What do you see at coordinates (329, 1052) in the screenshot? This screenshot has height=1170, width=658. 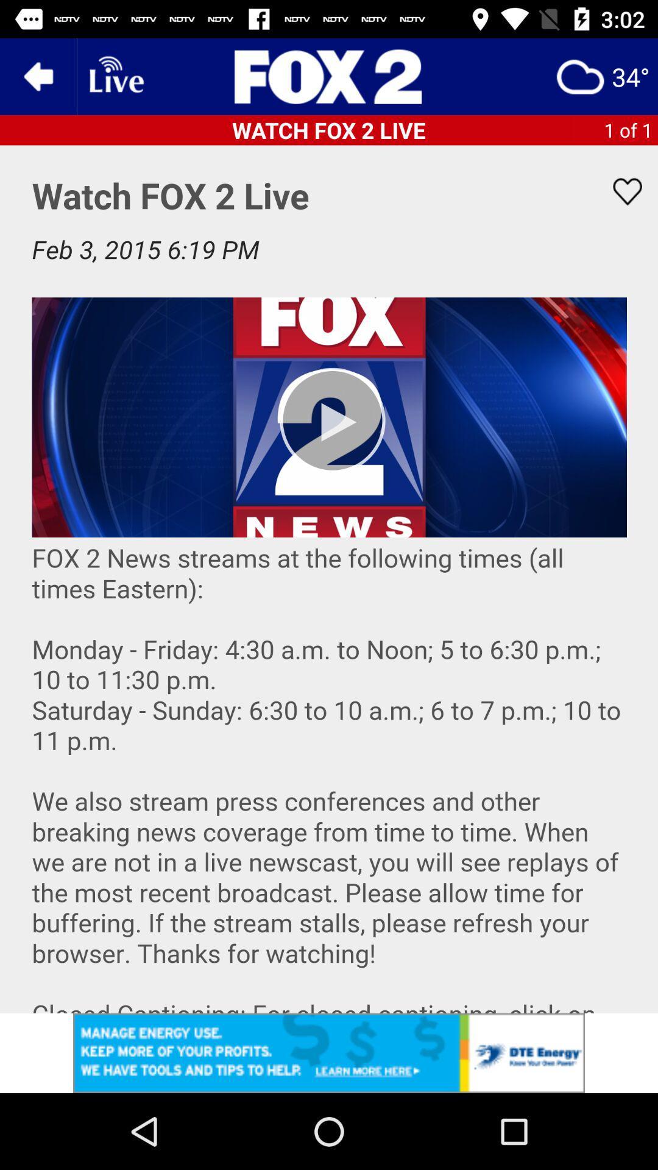 I see `advertisement` at bounding box center [329, 1052].